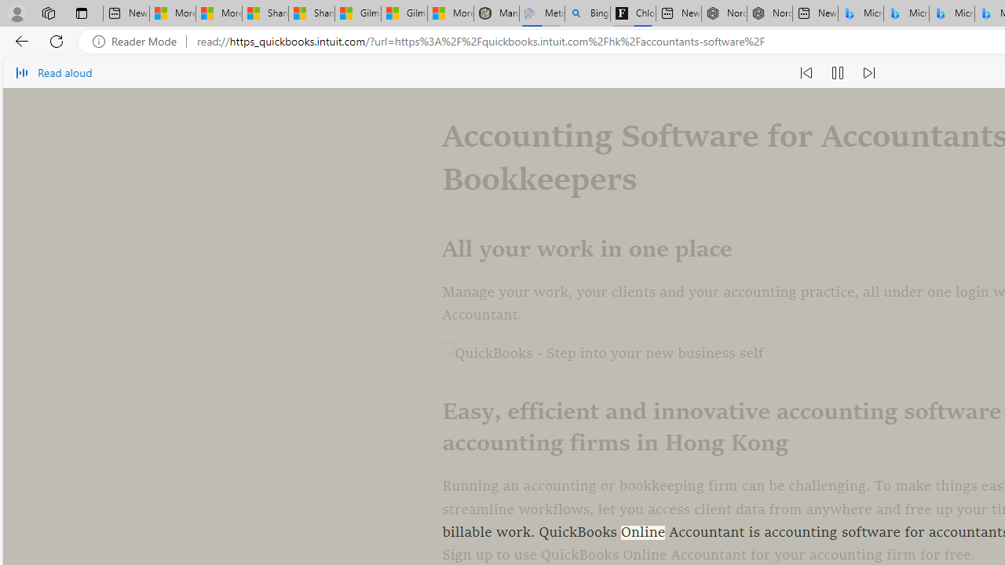  What do you see at coordinates (139, 41) in the screenshot?
I see `'Reader Mode'` at bounding box center [139, 41].